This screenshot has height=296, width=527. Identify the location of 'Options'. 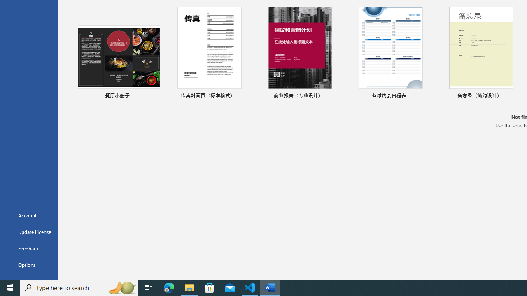
(28, 265).